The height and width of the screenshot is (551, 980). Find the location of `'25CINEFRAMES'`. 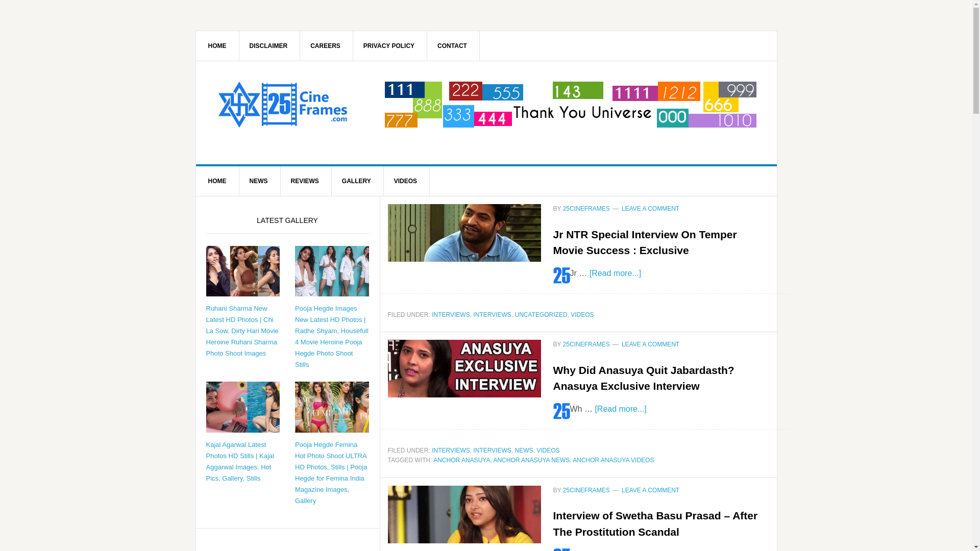

'25CINEFRAMES' is located at coordinates (586, 344).